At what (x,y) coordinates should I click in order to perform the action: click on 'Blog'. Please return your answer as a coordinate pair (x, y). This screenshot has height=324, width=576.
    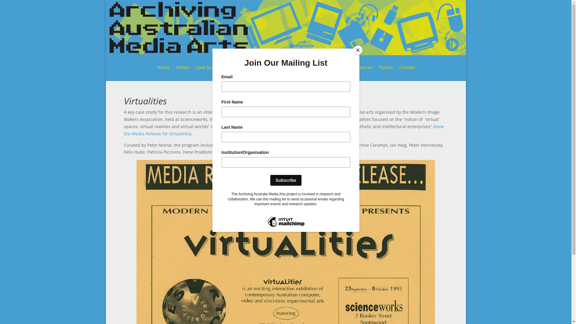
    Looking at the image, I should click on (340, 71).